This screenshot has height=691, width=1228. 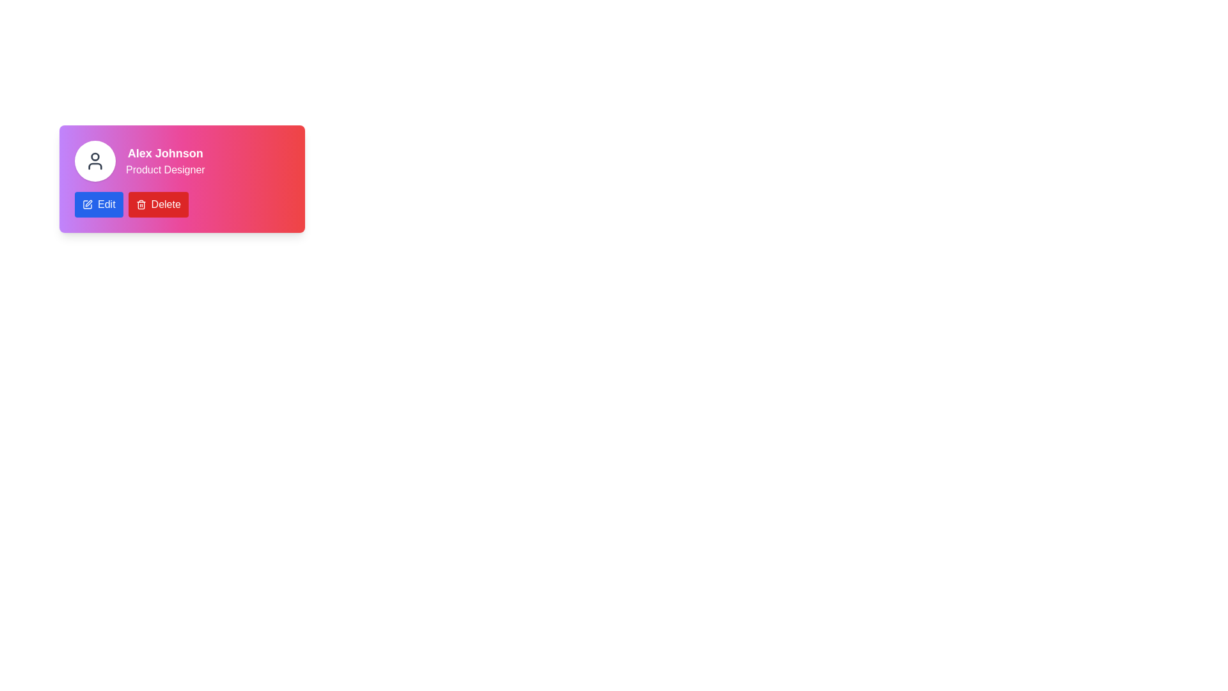 What do you see at coordinates (106, 204) in the screenshot?
I see `the 'Edit' button located on the blue button adjacent to the left side of the red 'Delete' button at the bottom-left of the user profile card` at bounding box center [106, 204].